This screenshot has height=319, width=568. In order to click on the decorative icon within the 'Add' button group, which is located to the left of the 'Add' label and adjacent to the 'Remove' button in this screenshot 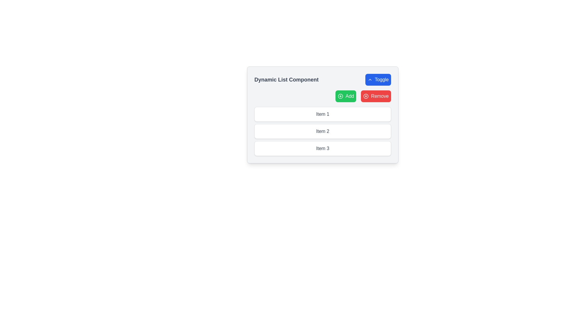, I will do `click(341, 96)`.